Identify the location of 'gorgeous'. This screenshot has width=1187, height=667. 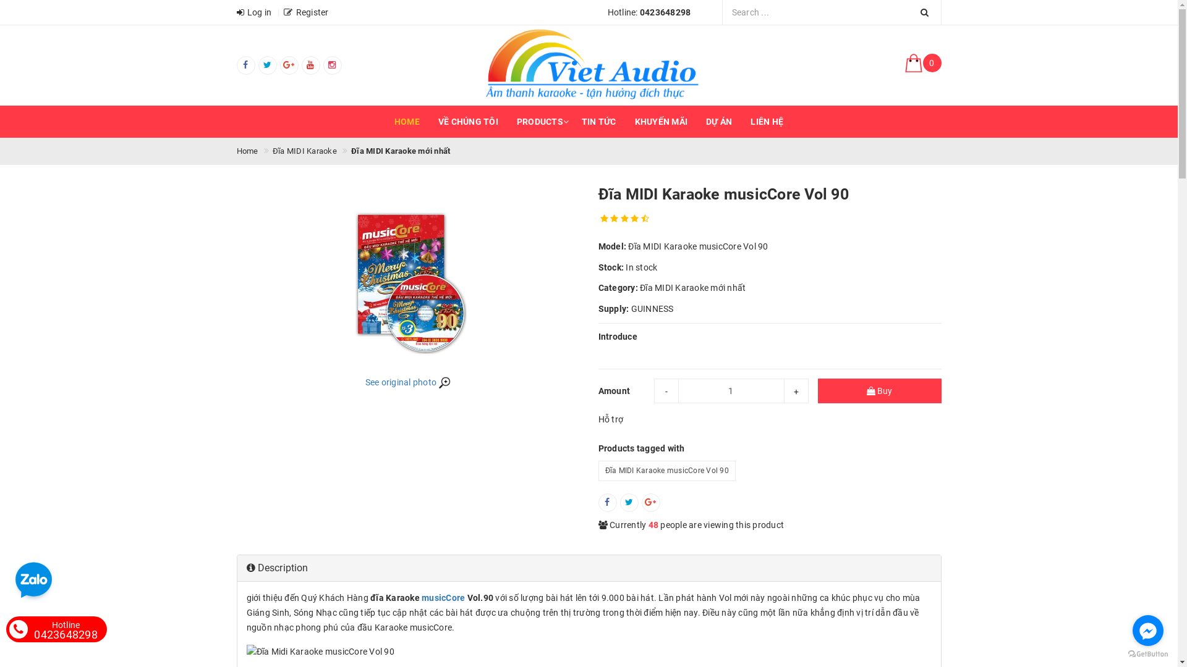
(603, 218).